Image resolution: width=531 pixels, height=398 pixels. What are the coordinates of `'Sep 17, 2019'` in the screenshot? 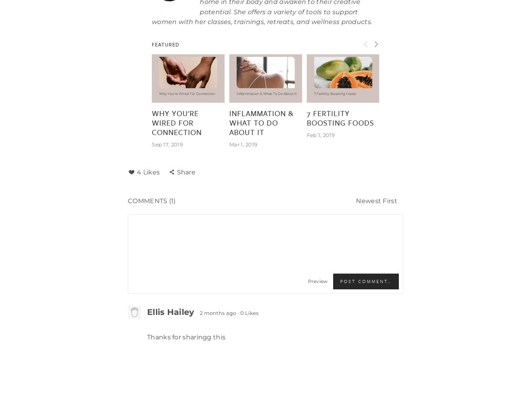 It's located at (167, 143).